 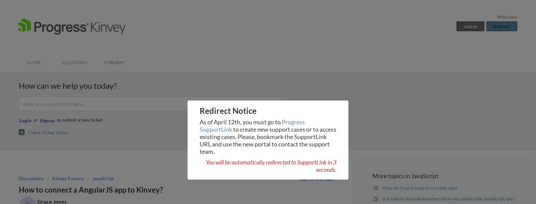 I want to click on 'to submit a new ticket', so click(x=79, y=120).